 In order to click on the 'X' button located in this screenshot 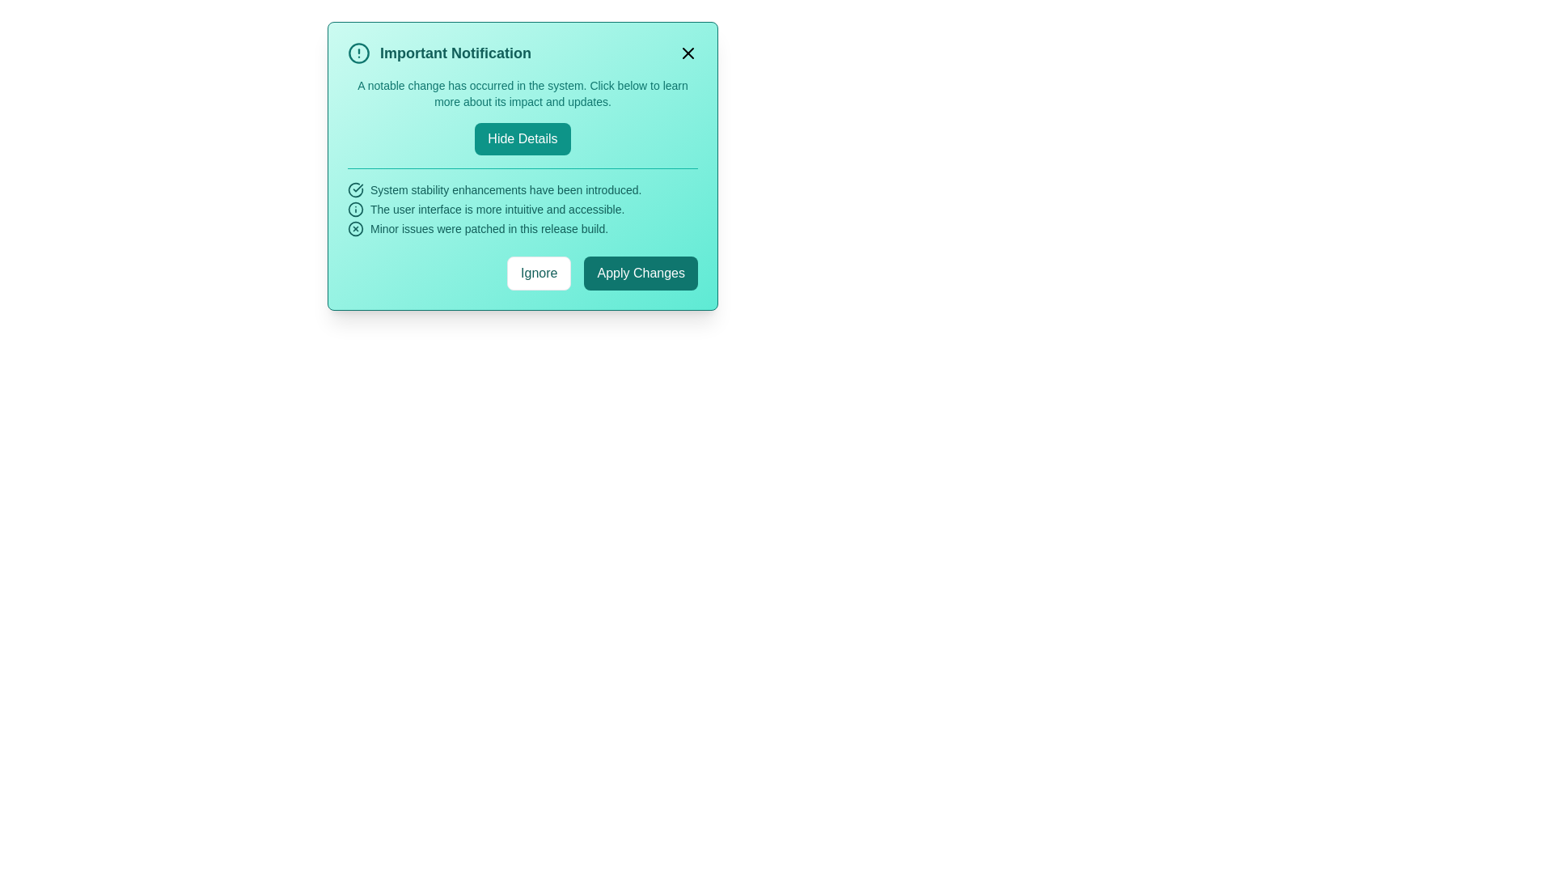, I will do `click(688, 52)`.